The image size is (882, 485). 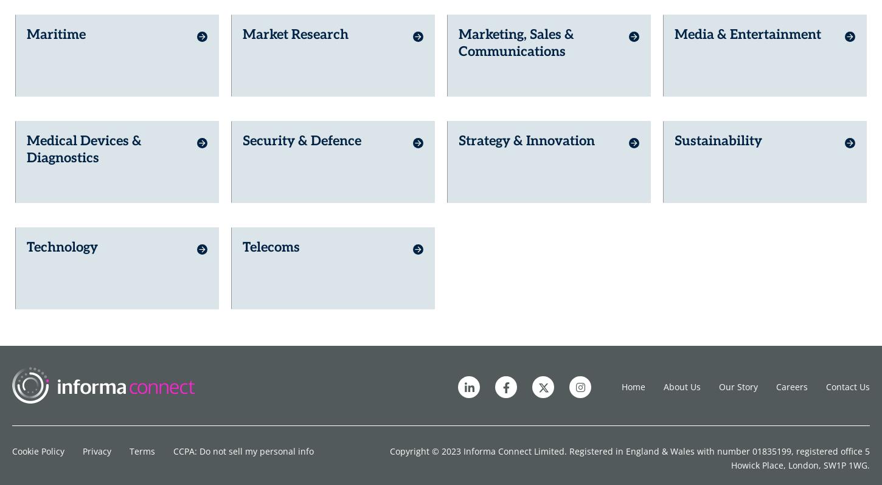 I want to click on 'Market Research', so click(x=296, y=29).